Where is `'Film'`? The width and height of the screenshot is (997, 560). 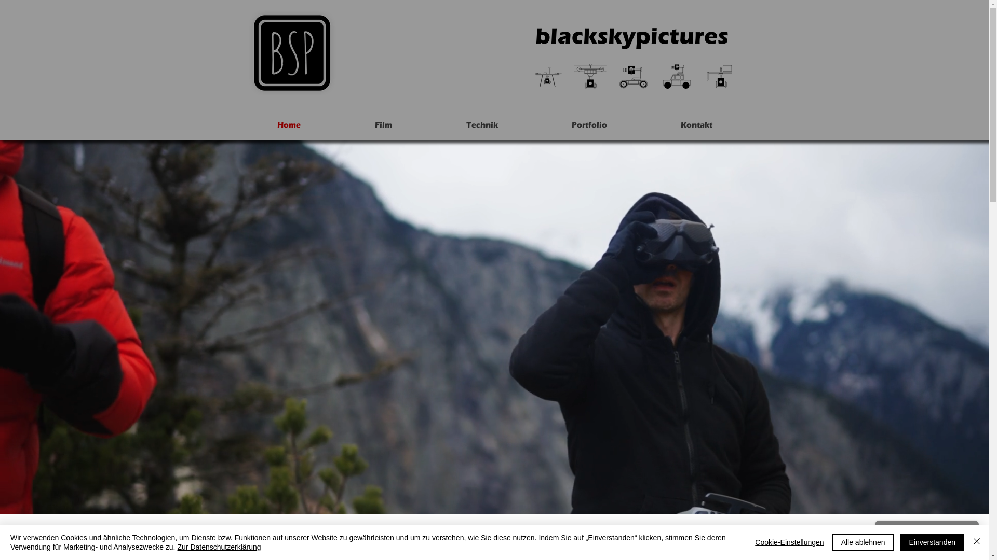
'Film' is located at coordinates (383, 124).